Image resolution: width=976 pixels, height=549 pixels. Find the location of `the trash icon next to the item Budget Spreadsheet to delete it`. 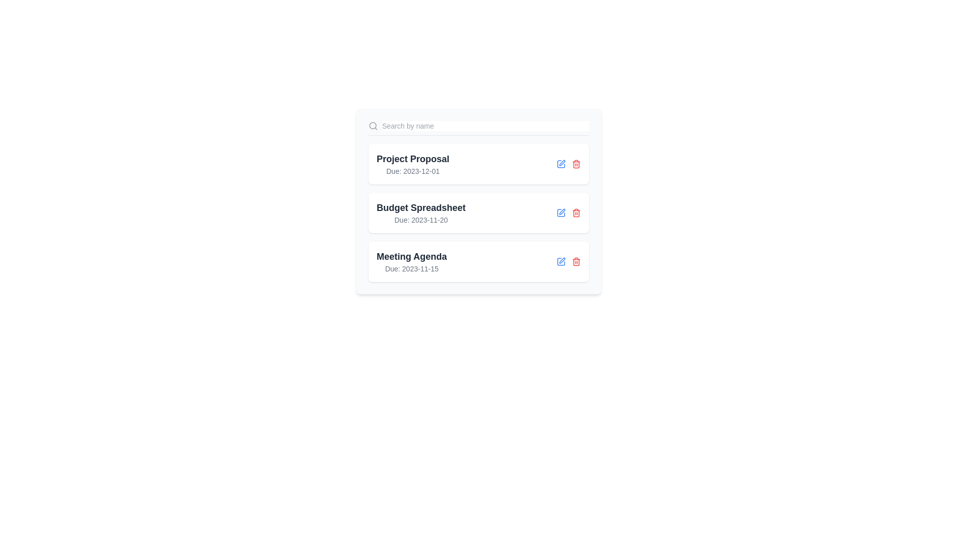

the trash icon next to the item Budget Spreadsheet to delete it is located at coordinates (576, 212).